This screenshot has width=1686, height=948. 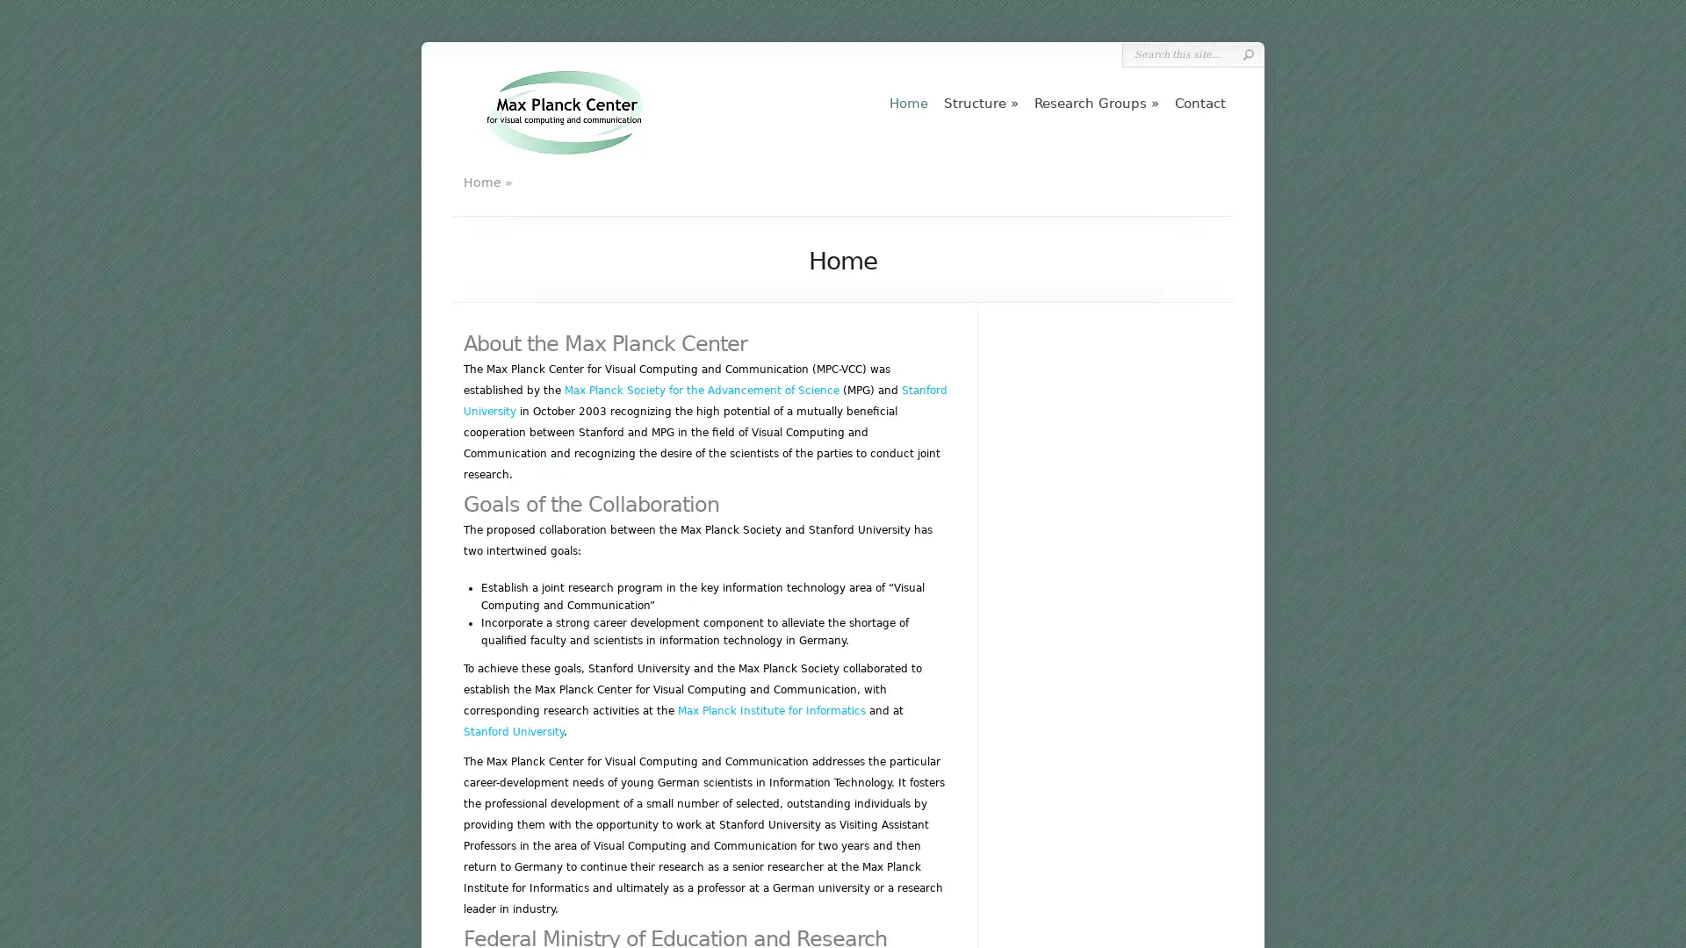 What do you see at coordinates (1247, 54) in the screenshot?
I see `Submit` at bounding box center [1247, 54].